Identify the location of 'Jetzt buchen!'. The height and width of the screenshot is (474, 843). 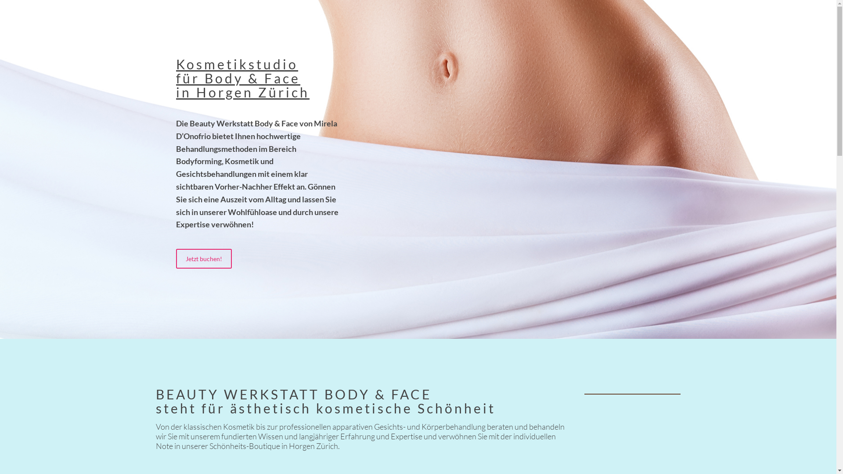
(176, 258).